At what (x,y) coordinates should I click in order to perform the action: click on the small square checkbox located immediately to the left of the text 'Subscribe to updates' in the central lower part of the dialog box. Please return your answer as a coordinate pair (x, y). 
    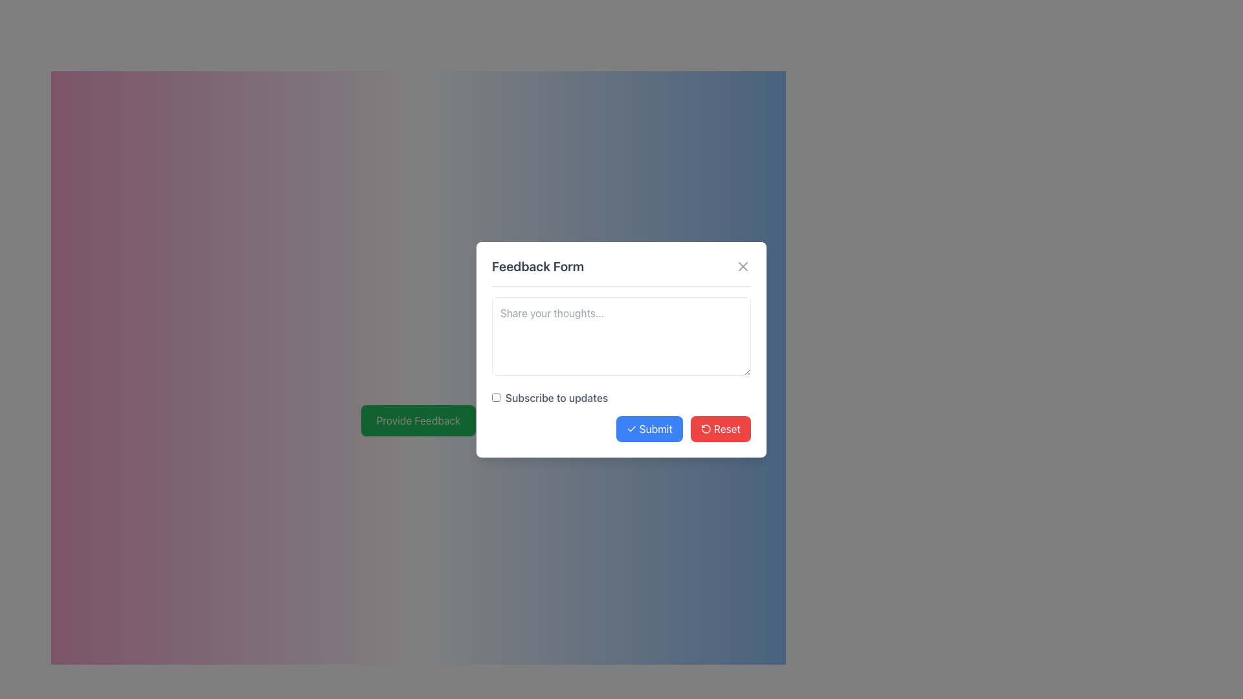
    Looking at the image, I should click on (495, 396).